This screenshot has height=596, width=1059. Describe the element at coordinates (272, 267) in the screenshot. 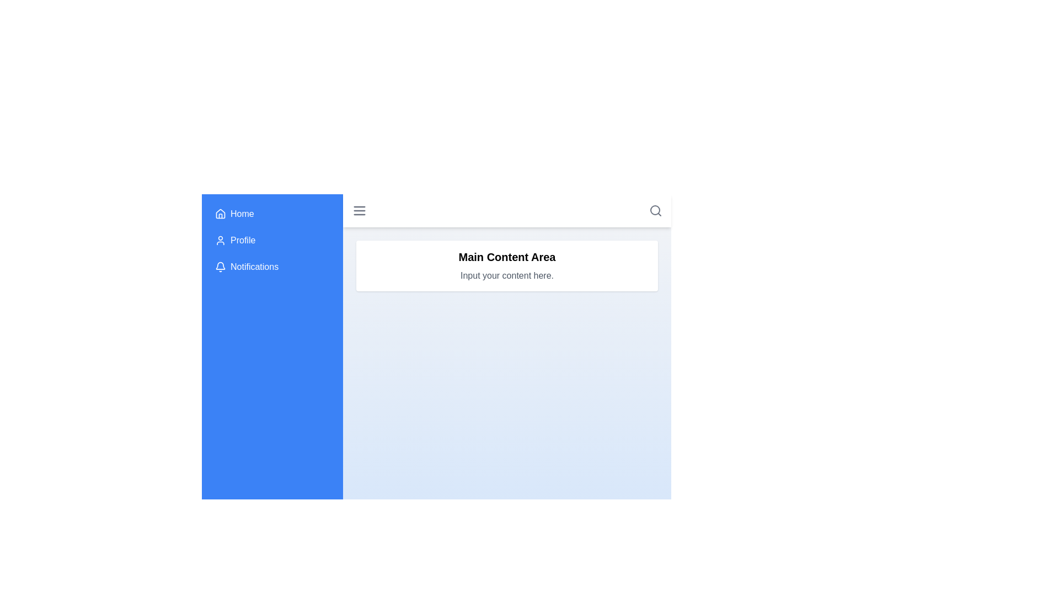

I see `the 'Notifications' entry in the sidebar to access the Notifications section` at that location.